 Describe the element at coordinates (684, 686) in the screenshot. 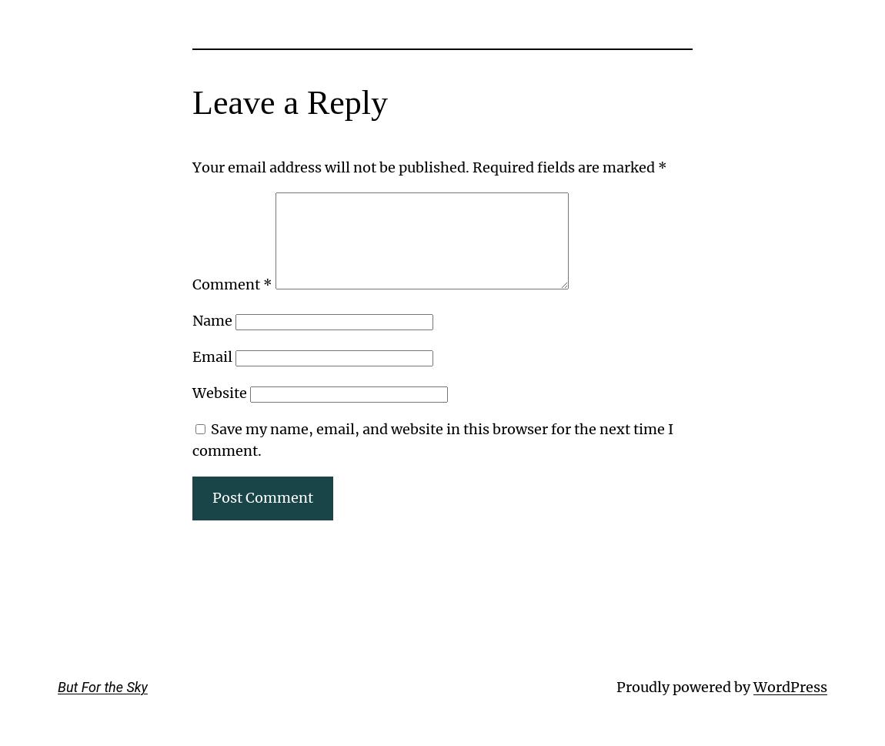

I see `'Proudly powered by'` at that location.